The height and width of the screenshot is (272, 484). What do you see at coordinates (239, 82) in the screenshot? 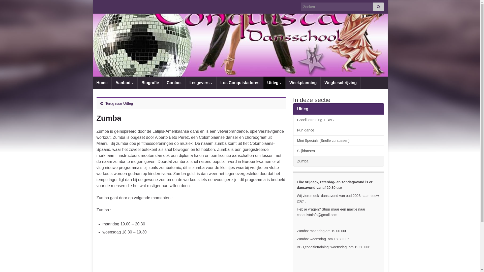
I see `'Los Conquistadores'` at bounding box center [239, 82].